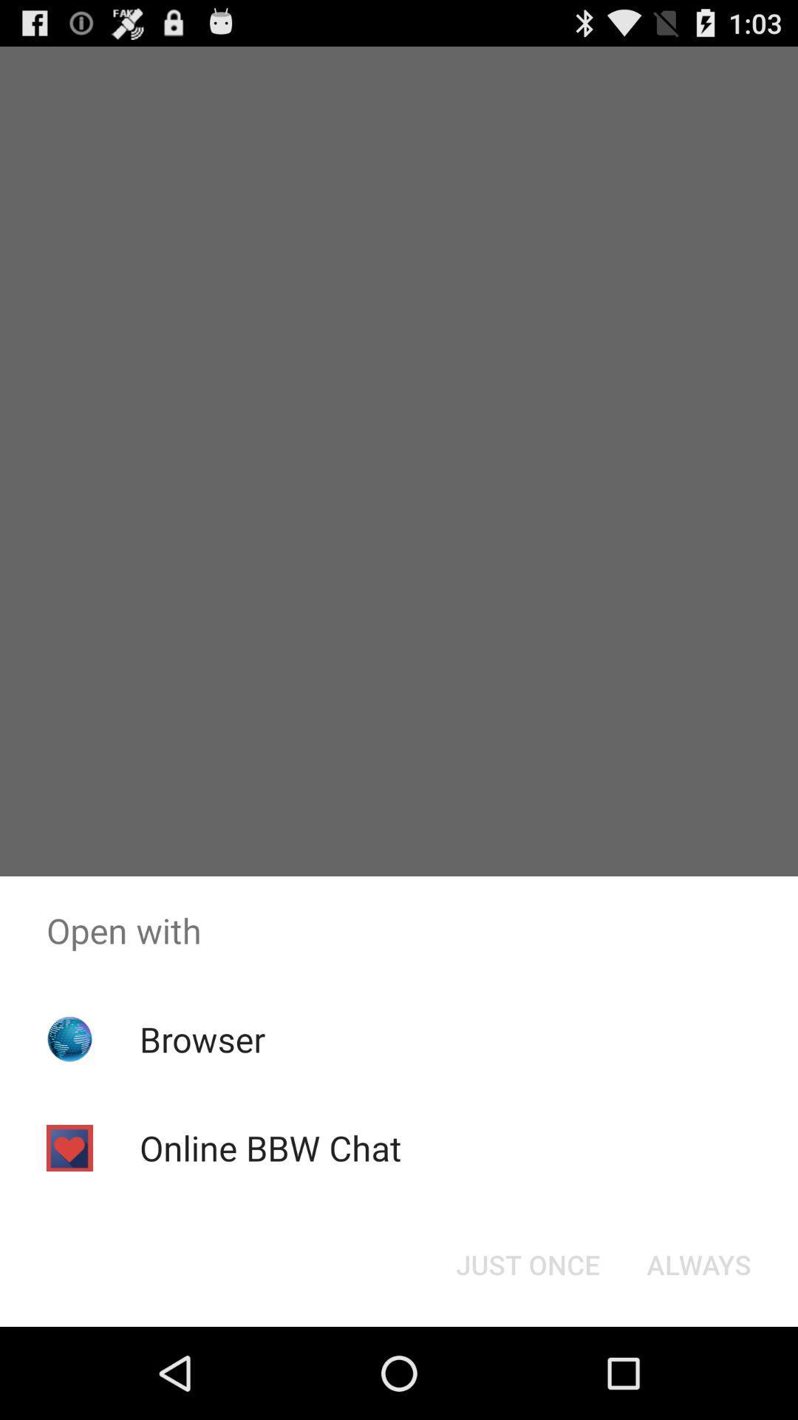 The width and height of the screenshot is (798, 1420). Describe the element at coordinates (698, 1263) in the screenshot. I see `the item at the bottom right corner` at that location.